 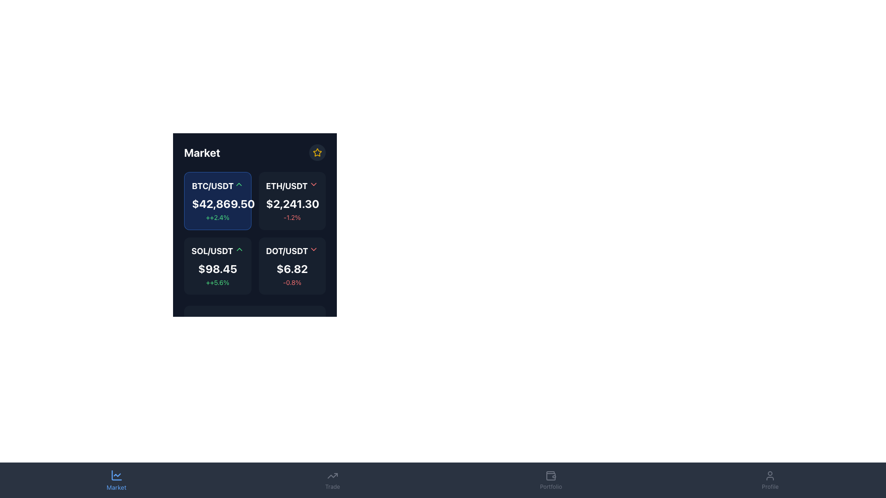 What do you see at coordinates (314, 184) in the screenshot?
I see `the downward-pointing red chevron icon located in the 'ETH/USDT' section at the top-right corner of the card` at bounding box center [314, 184].